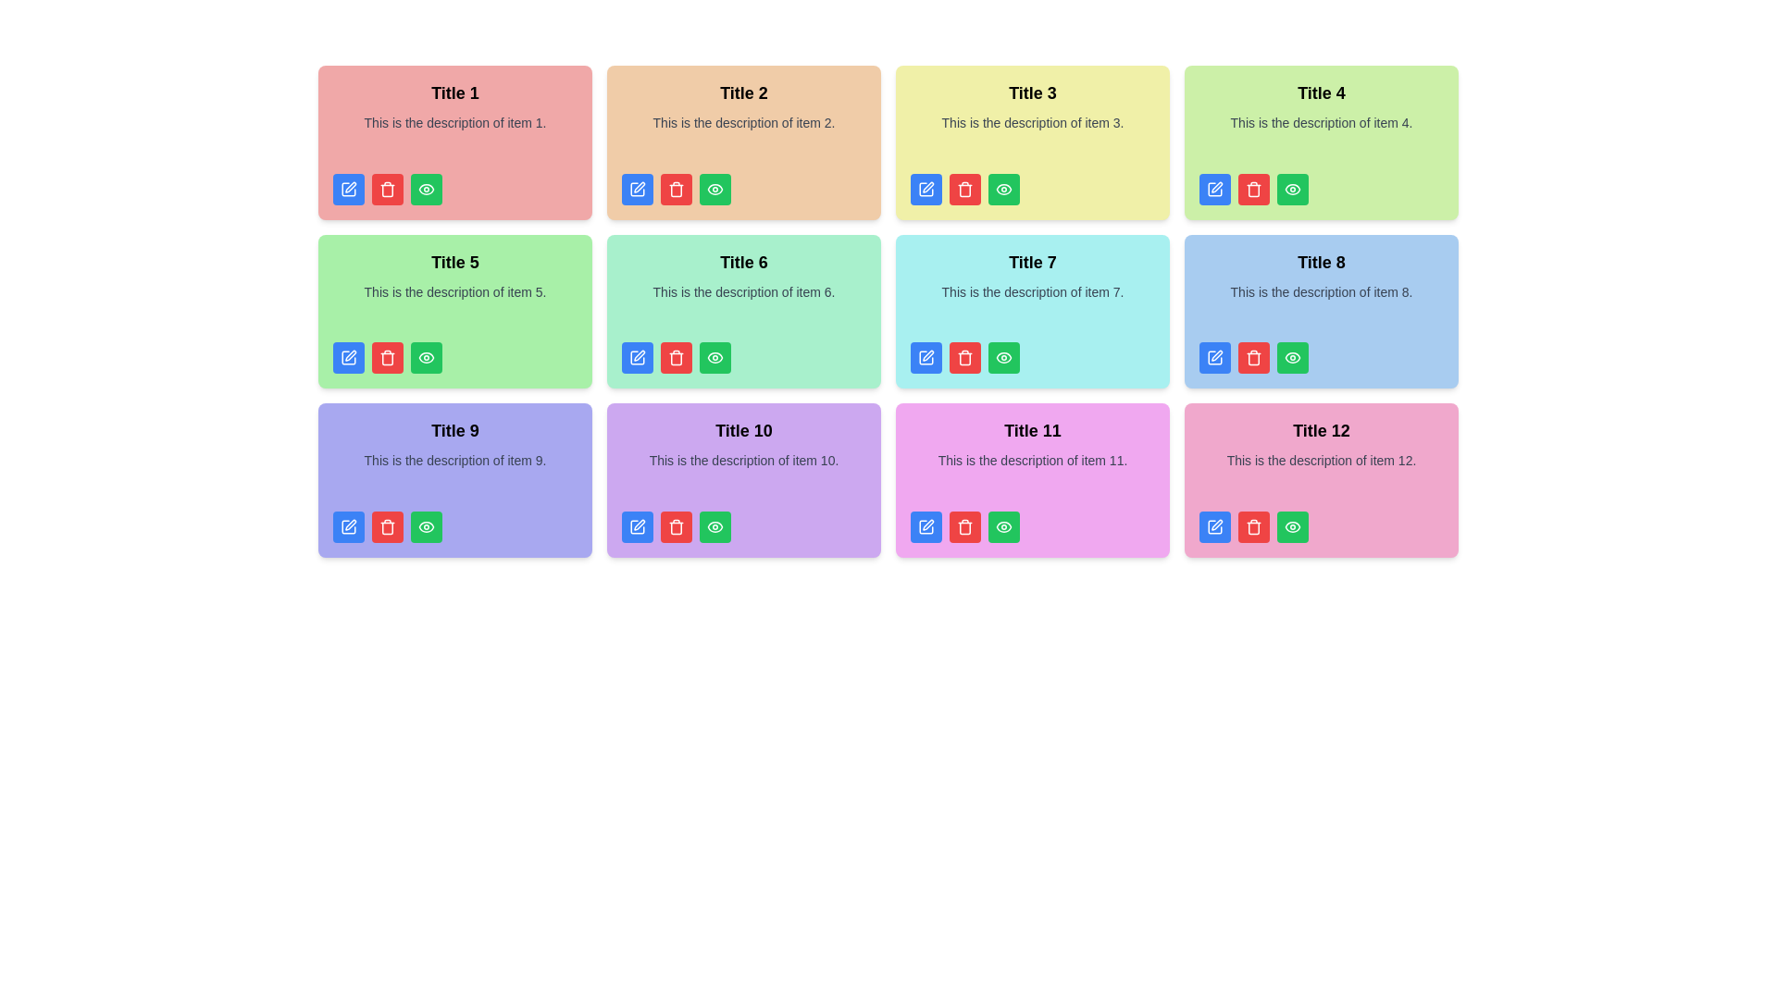 The width and height of the screenshot is (1777, 999). I want to click on the leftmost icon button within the blue-button styled area at the bottom of 'Title 7', so click(926, 357).